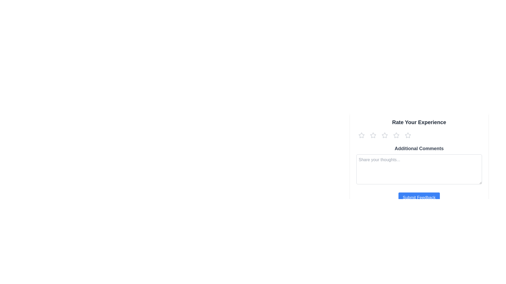 Image resolution: width=506 pixels, height=284 pixels. What do you see at coordinates (373, 135) in the screenshot?
I see `on the second hollow star icon in the 'Rate Your Experience' section` at bounding box center [373, 135].